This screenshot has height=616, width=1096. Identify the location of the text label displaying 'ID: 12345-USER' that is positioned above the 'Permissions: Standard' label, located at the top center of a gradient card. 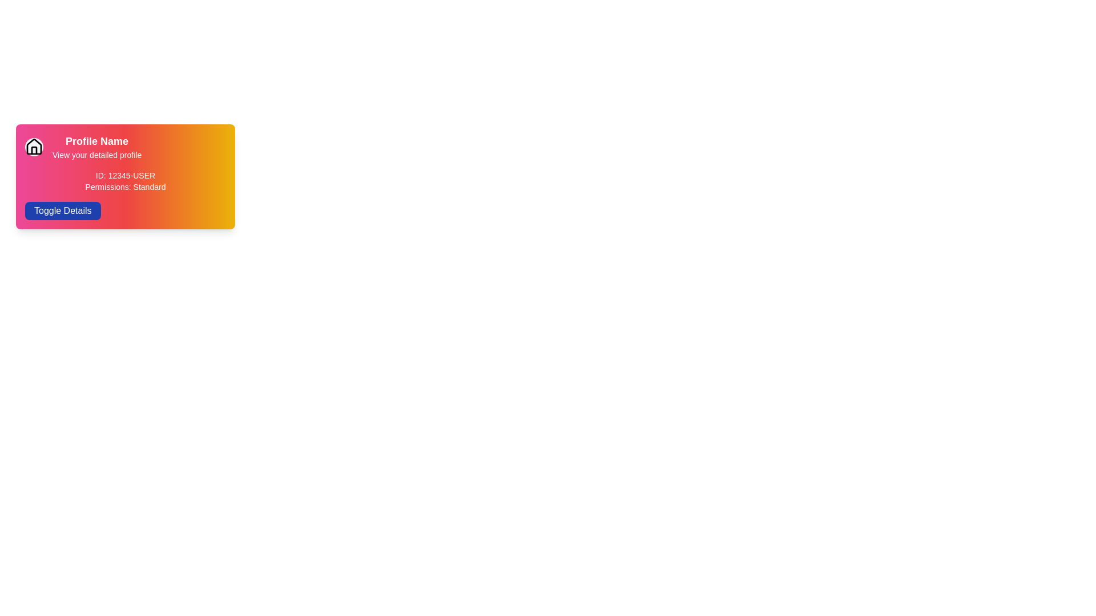
(126, 176).